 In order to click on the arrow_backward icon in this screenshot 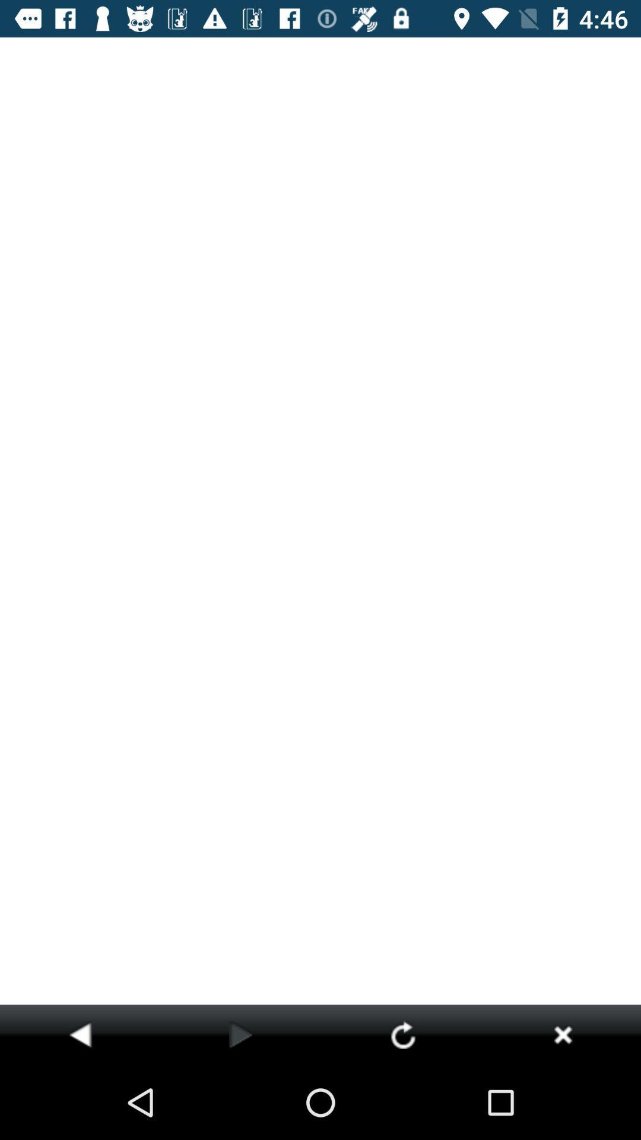, I will do `click(80, 1034)`.